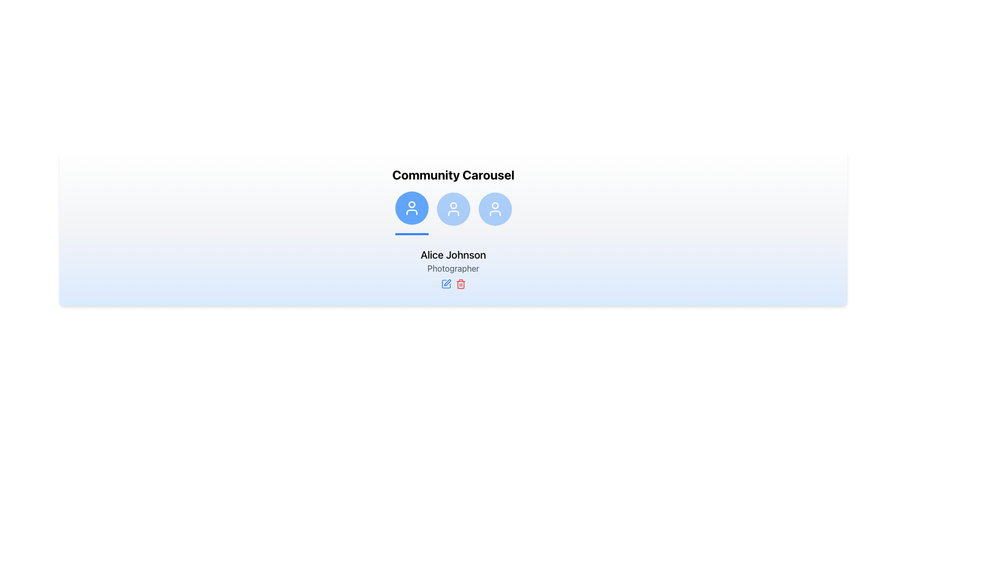 This screenshot has height=562, width=1000. What do you see at coordinates (494, 209) in the screenshot?
I see `the person icon within the blue circular button` at bounding box center [494, 209].